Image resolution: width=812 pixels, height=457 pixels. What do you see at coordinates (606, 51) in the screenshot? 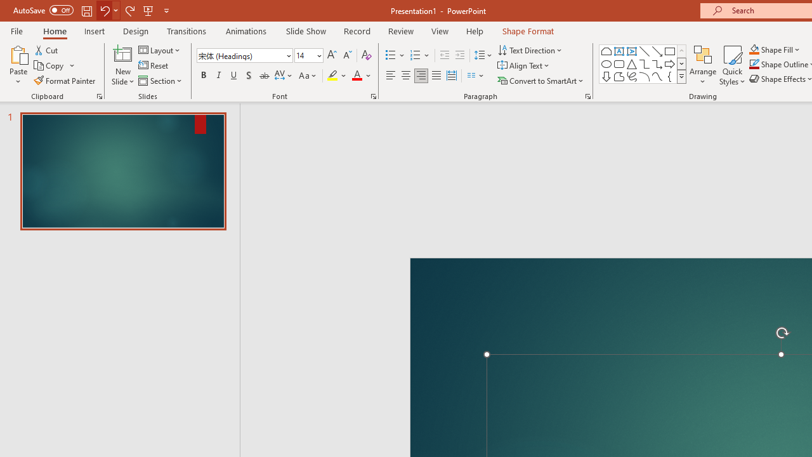
I see `'Rectangle: Top Corners Snipped'` at bounding box center [606, 51].